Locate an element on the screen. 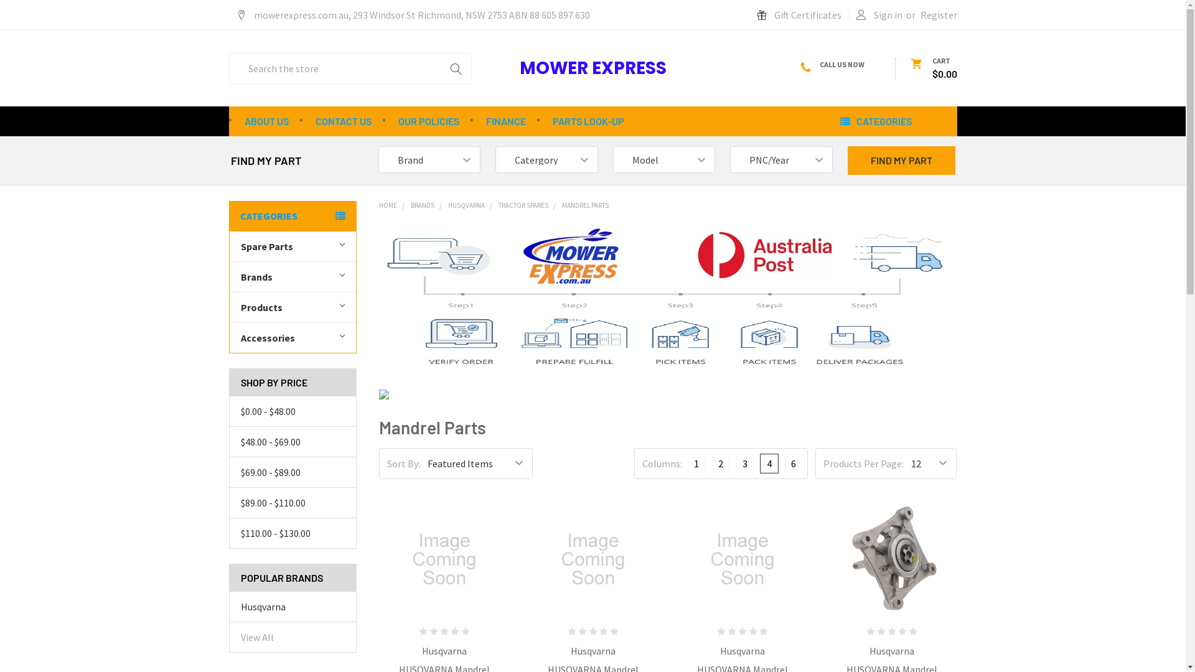 This screenshot has height=672, width=1195. 'CART is located at coordinates (933, 68).